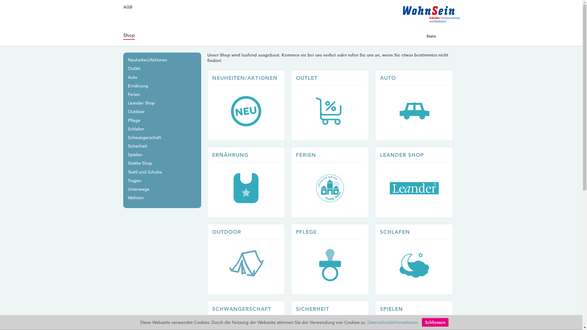 The image size is (587, 330). Describe the element at coordinates (393, 322) in the screenshot. I see `'Datenschutzinformationen'` at that location.